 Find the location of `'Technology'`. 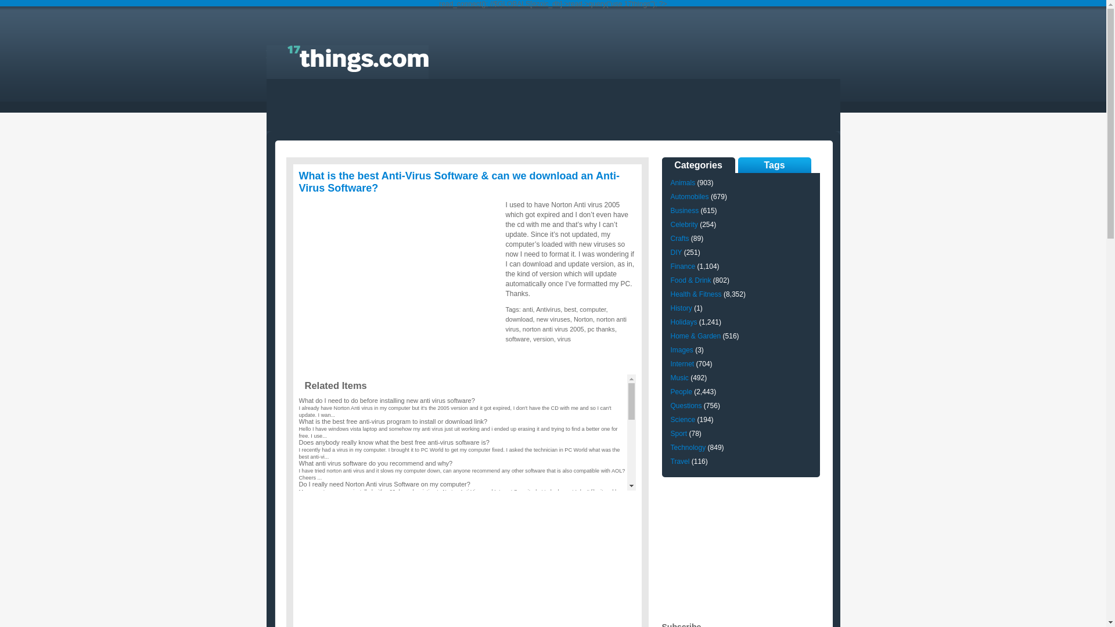

'Technology' is located at coordinates (688, 447).